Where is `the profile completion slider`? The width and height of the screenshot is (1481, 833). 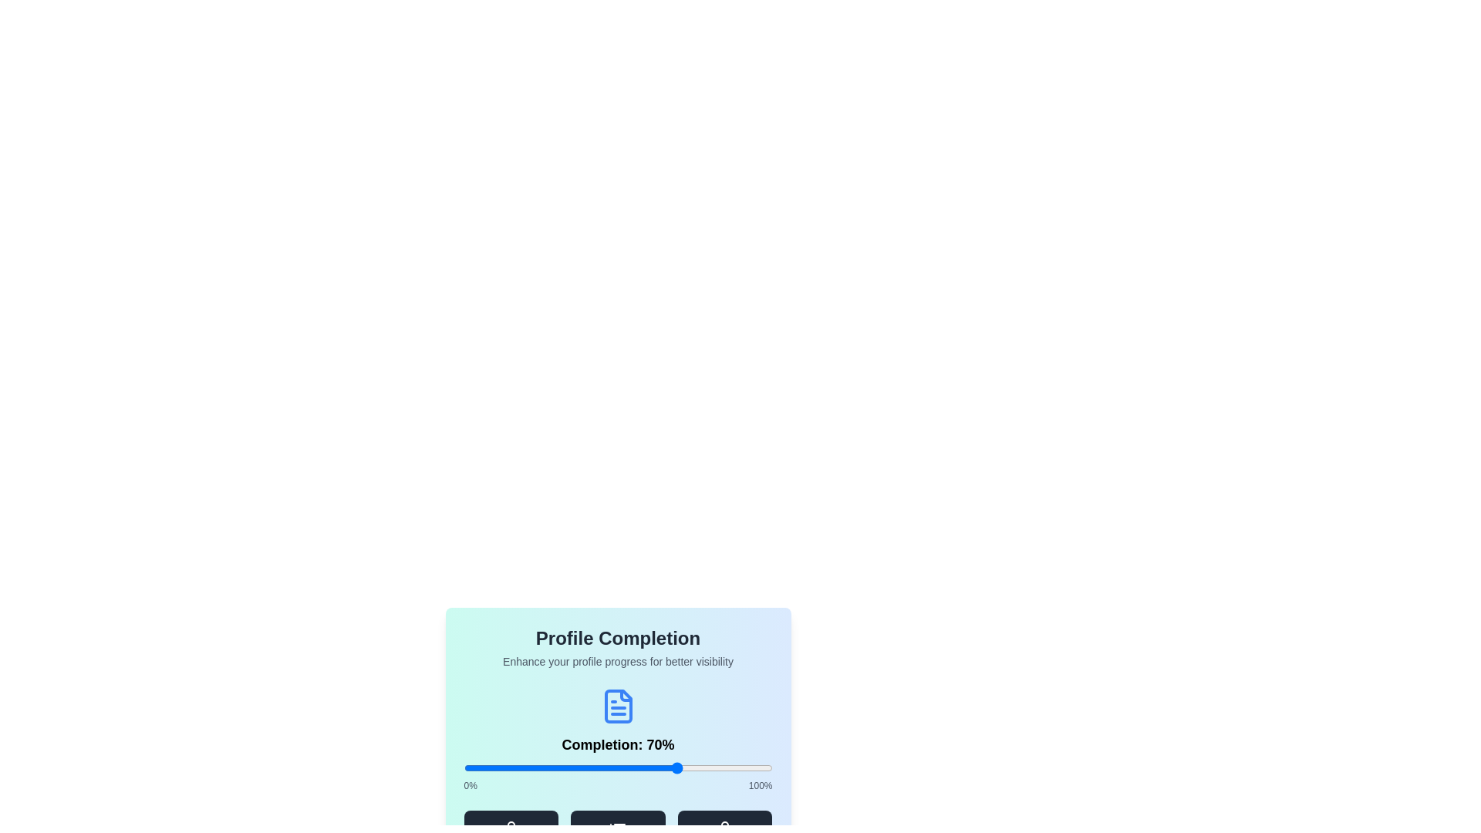
the profile completion slider is located at coordinates (558, 767).